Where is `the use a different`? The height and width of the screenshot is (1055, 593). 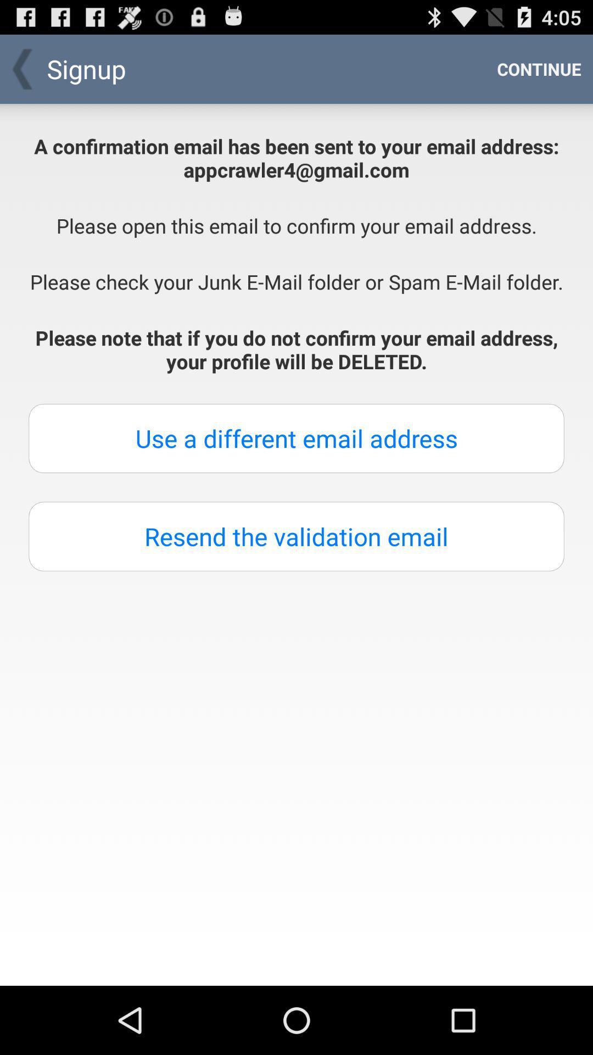
the use a different is located at coordinates (296, 437).